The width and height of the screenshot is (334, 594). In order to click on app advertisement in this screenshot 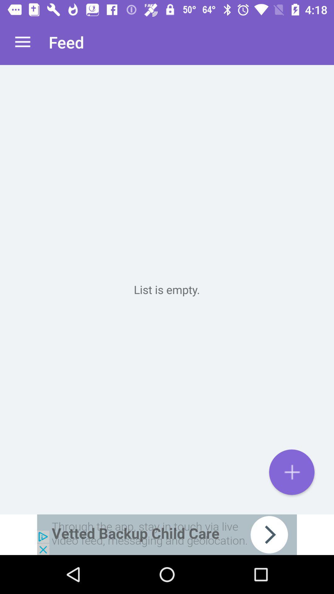, I will do `click(167, 534)`.